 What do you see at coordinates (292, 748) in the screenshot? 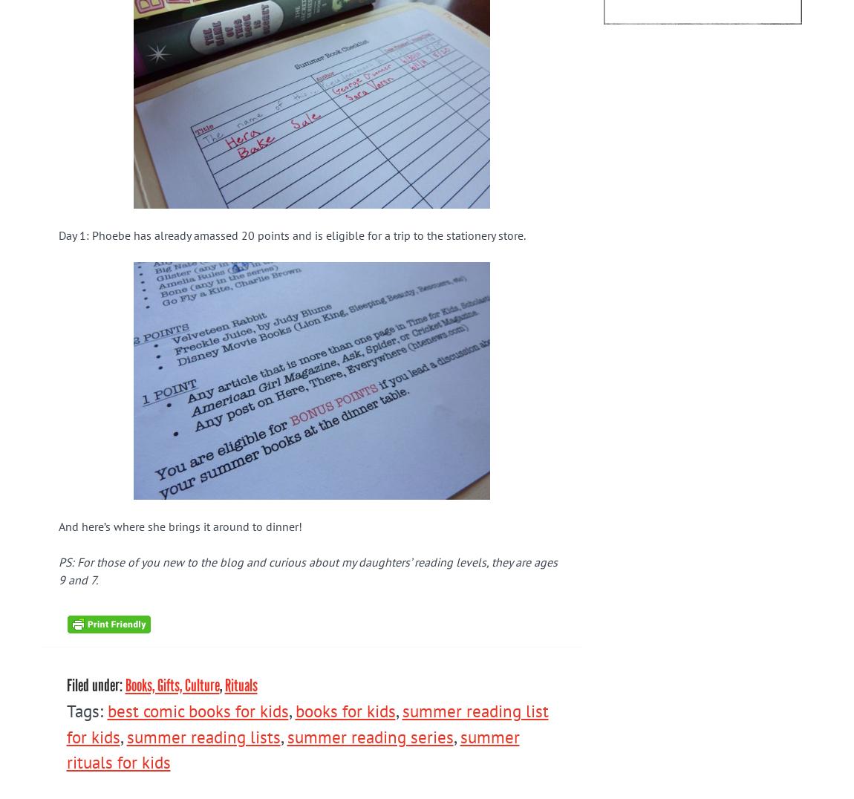
I see `'summer rituals for kids'` at bounding box center [292, 748].